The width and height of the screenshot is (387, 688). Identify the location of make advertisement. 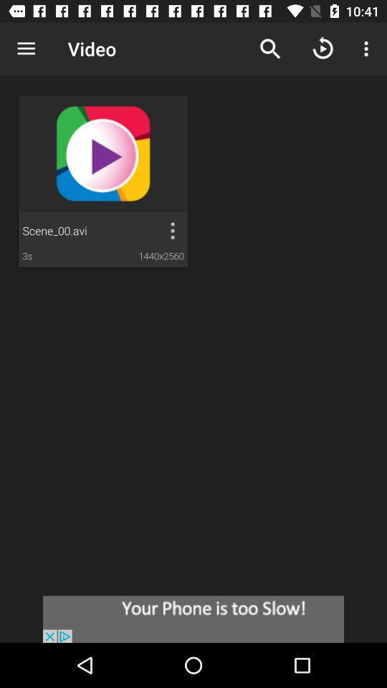
(193, 618).